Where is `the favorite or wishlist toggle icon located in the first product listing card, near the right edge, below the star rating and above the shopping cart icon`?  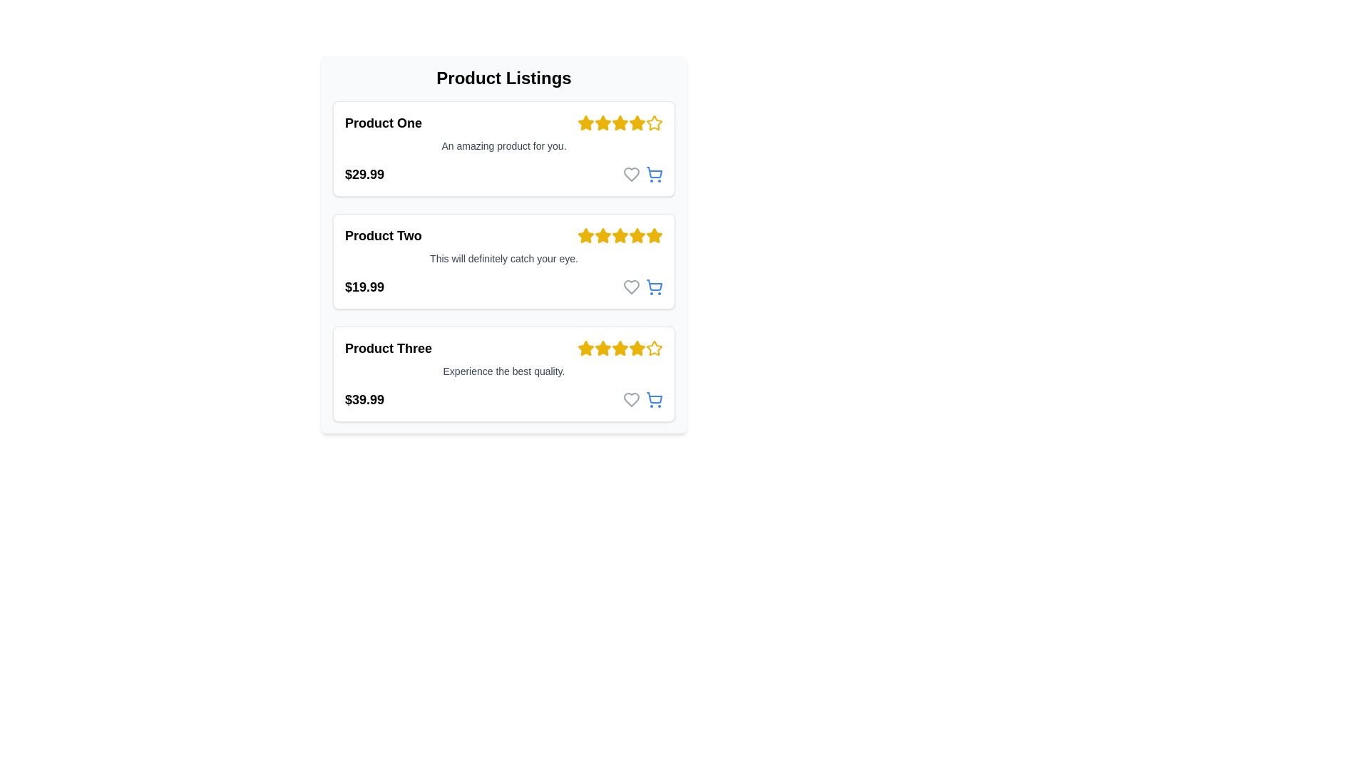 the favorite or wishlist toggle icon located in the first product listing card, near the right edge, below the star rating and above the shopping cart icon is located at coordinates (631, 174).